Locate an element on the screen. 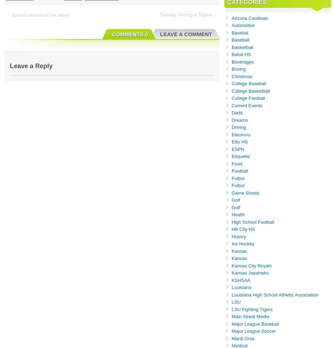 This screenshot has height=348, width=334. 'Driving' is located at coordinates (238, 127).